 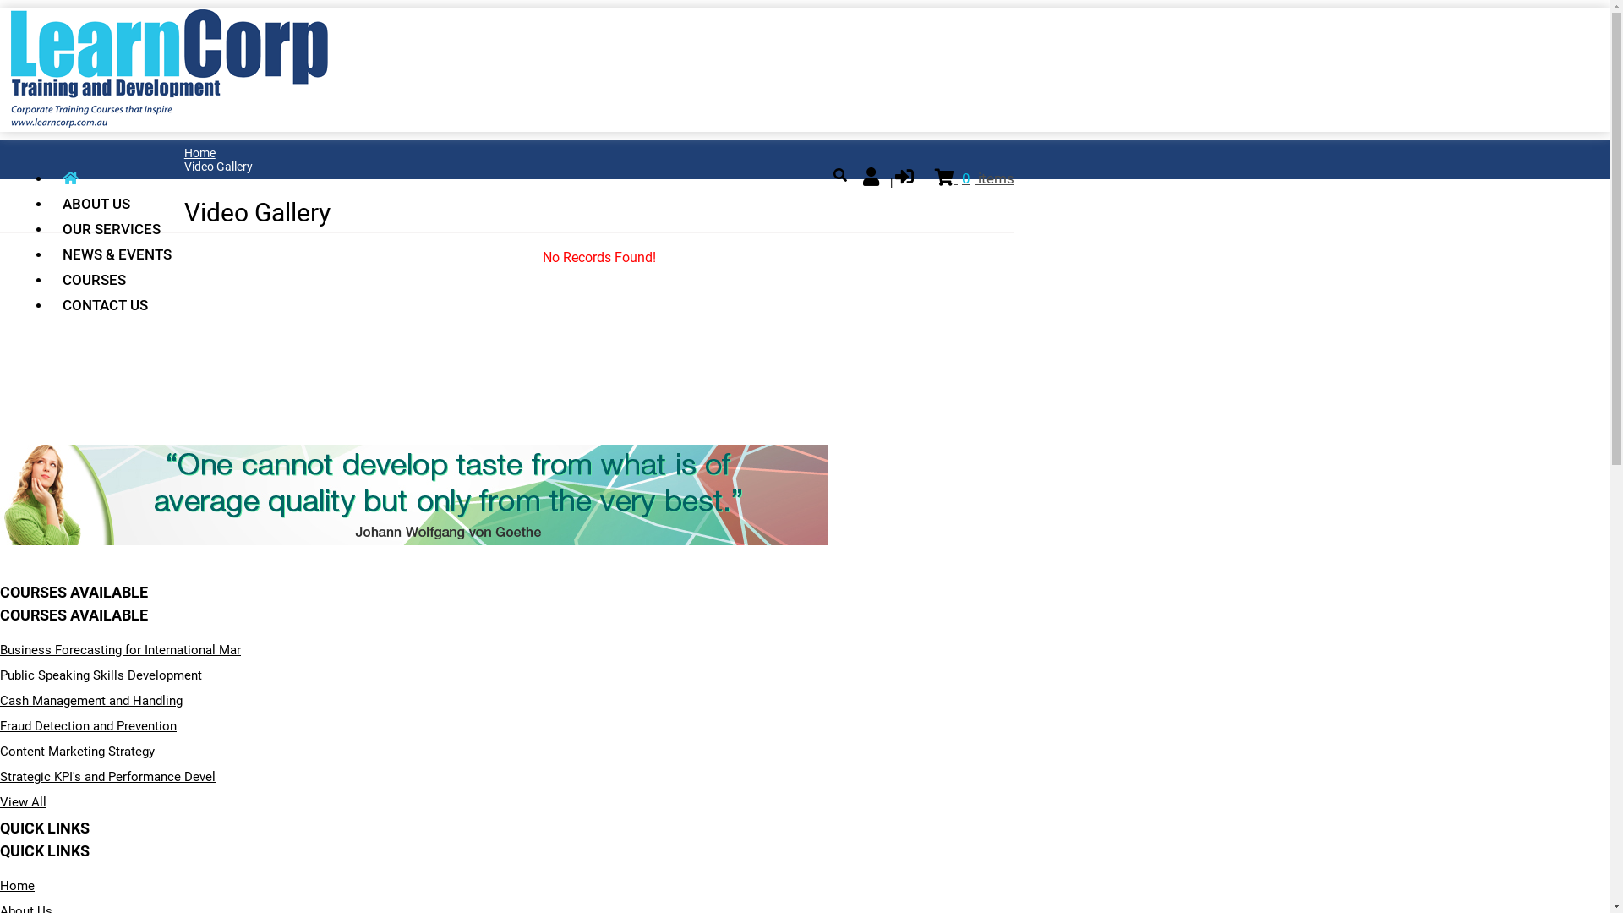 What do you see at coordinates (117, 305) in the screenshot?
I see `'CONTACT US'` at bounding box center [117, 305].